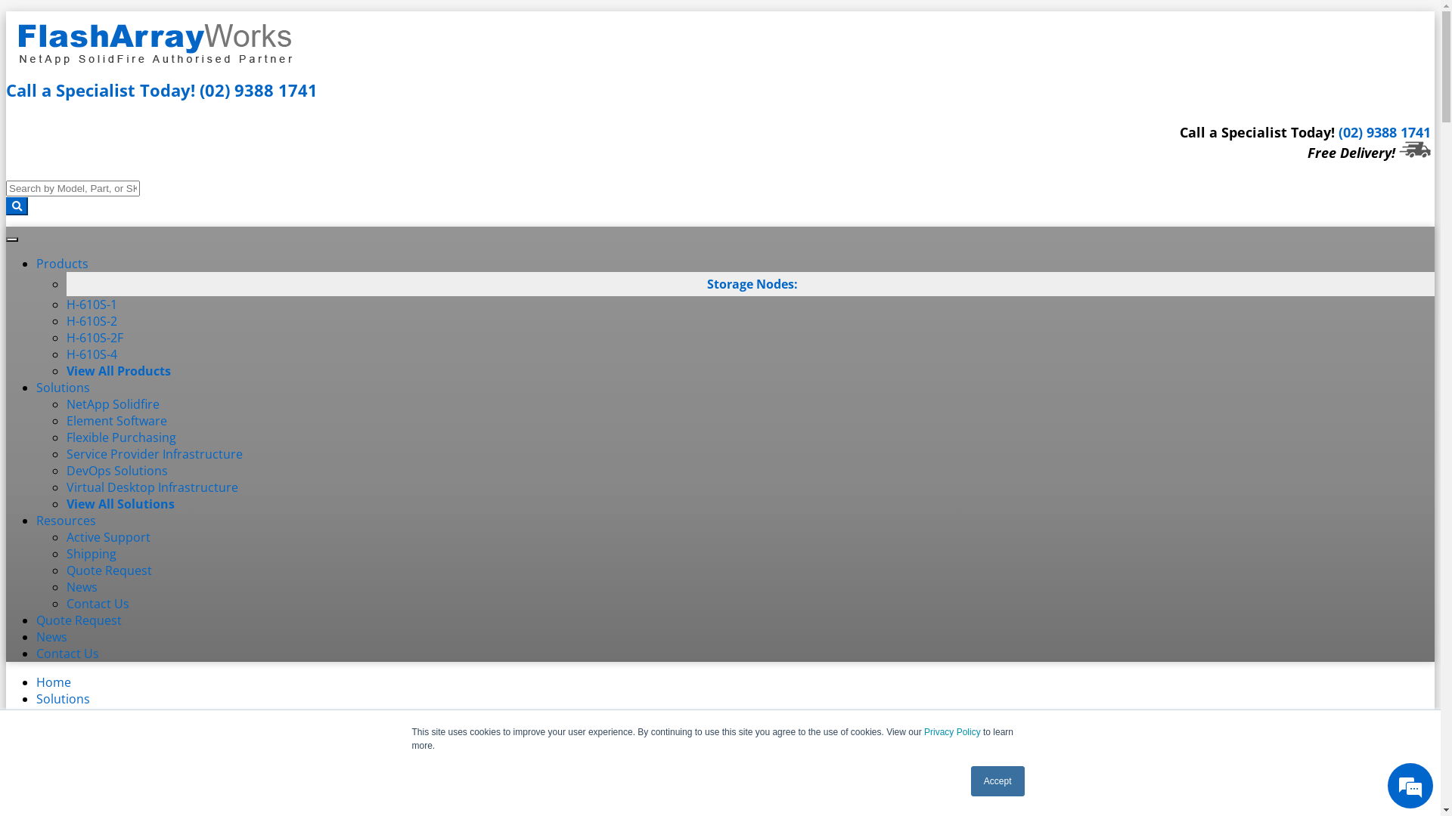 Image resolution: width=1452 pixels, height=816 pixels. What do you see at coordinates (1384, 131) in the screenshot?
I see `'(02) 9388 1741'` at bounding box center [1384, 131].